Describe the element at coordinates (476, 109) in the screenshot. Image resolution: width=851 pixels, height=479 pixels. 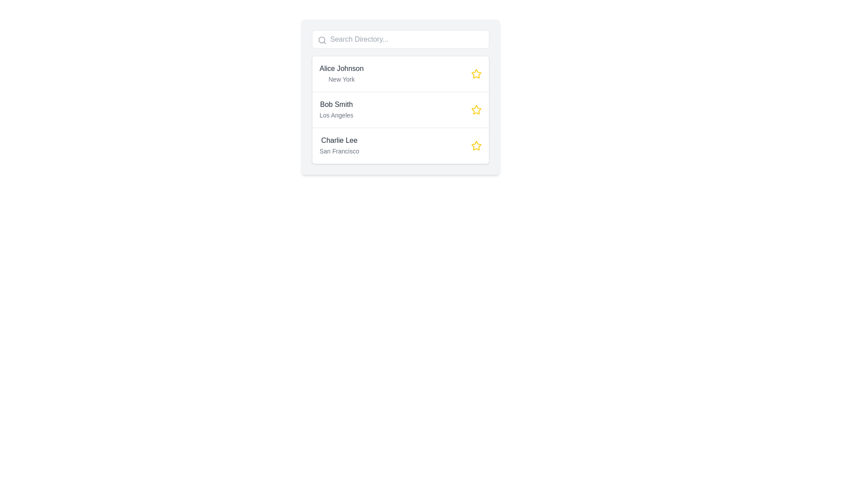
I see `the icon button located at the far-right end of the list entry for 'Bob Smith - Los Angeles' to mark it as a favorite` at that location.